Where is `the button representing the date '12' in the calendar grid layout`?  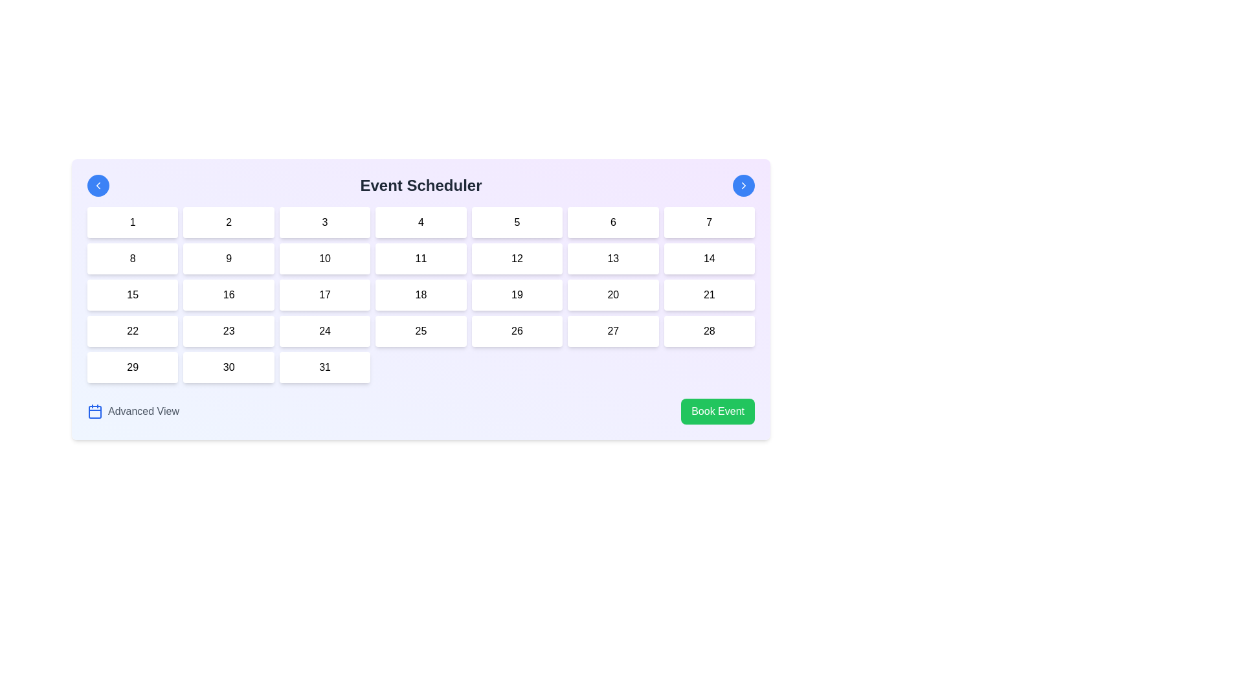 the button representing the date '12' in the calendar grid layout is located at coordinates (516, 259).